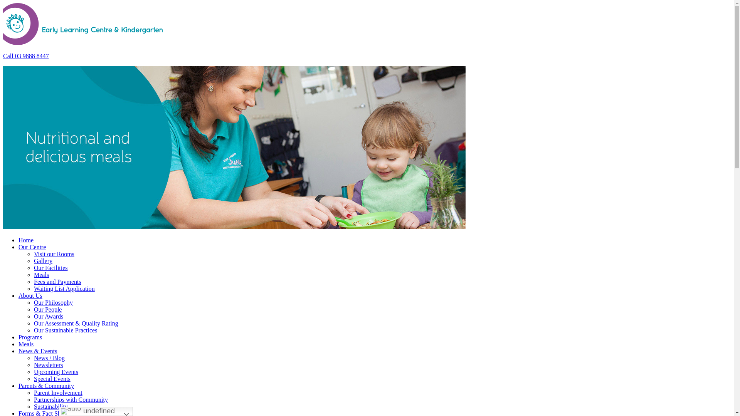  I want to click on 'Gallery', so click(42, 260).